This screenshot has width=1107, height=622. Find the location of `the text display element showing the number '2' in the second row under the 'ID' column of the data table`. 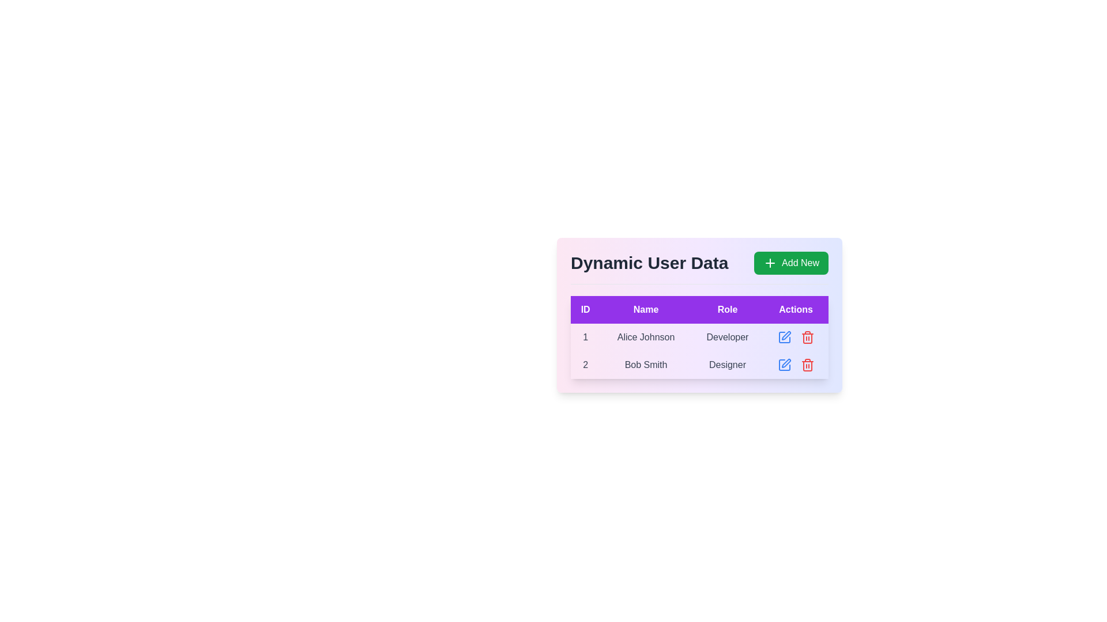

the text display element showing the number '2' in the second row under the 'ID' column of the data table is located at coordinates (585, 365).